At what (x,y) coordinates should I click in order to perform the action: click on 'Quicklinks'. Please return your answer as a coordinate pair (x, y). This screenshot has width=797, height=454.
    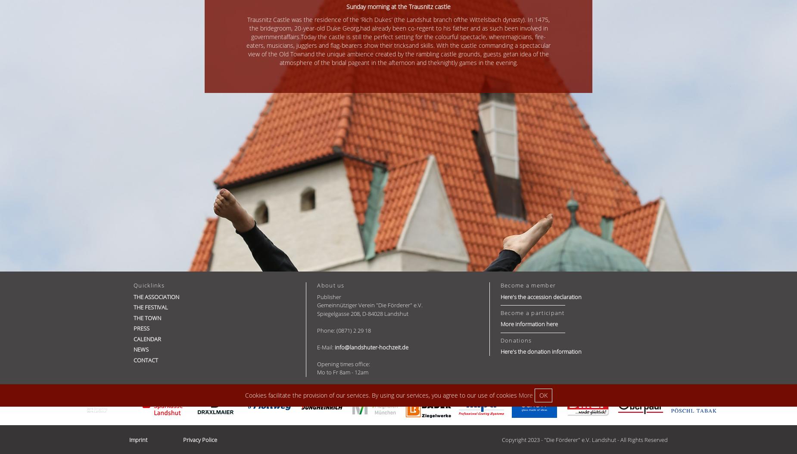
    Looking at the image, I should click on (148, 284).